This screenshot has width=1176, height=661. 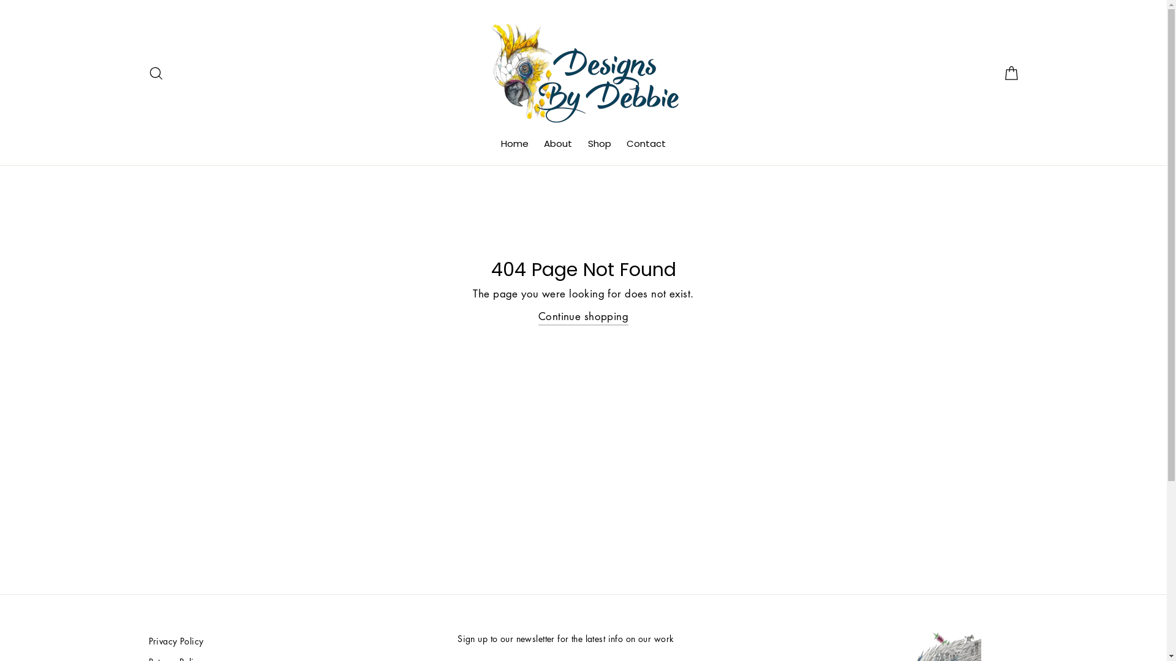 What do you see at coordinates (557, 143) in the screenshot?
I see `'About'` at bounding box center [557, 143].